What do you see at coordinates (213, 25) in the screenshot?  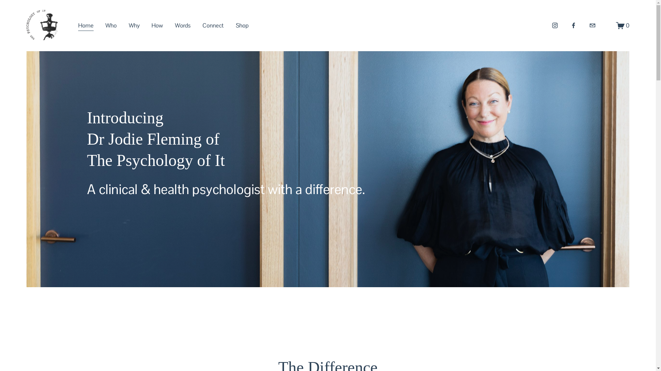 I see `'Connect'` at bounding box center [213, 25].